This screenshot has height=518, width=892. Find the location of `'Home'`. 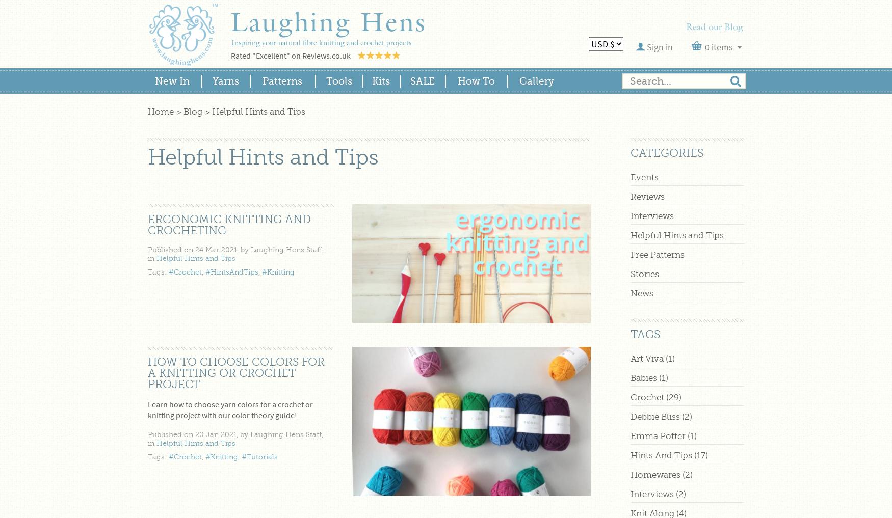

'Home' is located at coordinates (161, 112).